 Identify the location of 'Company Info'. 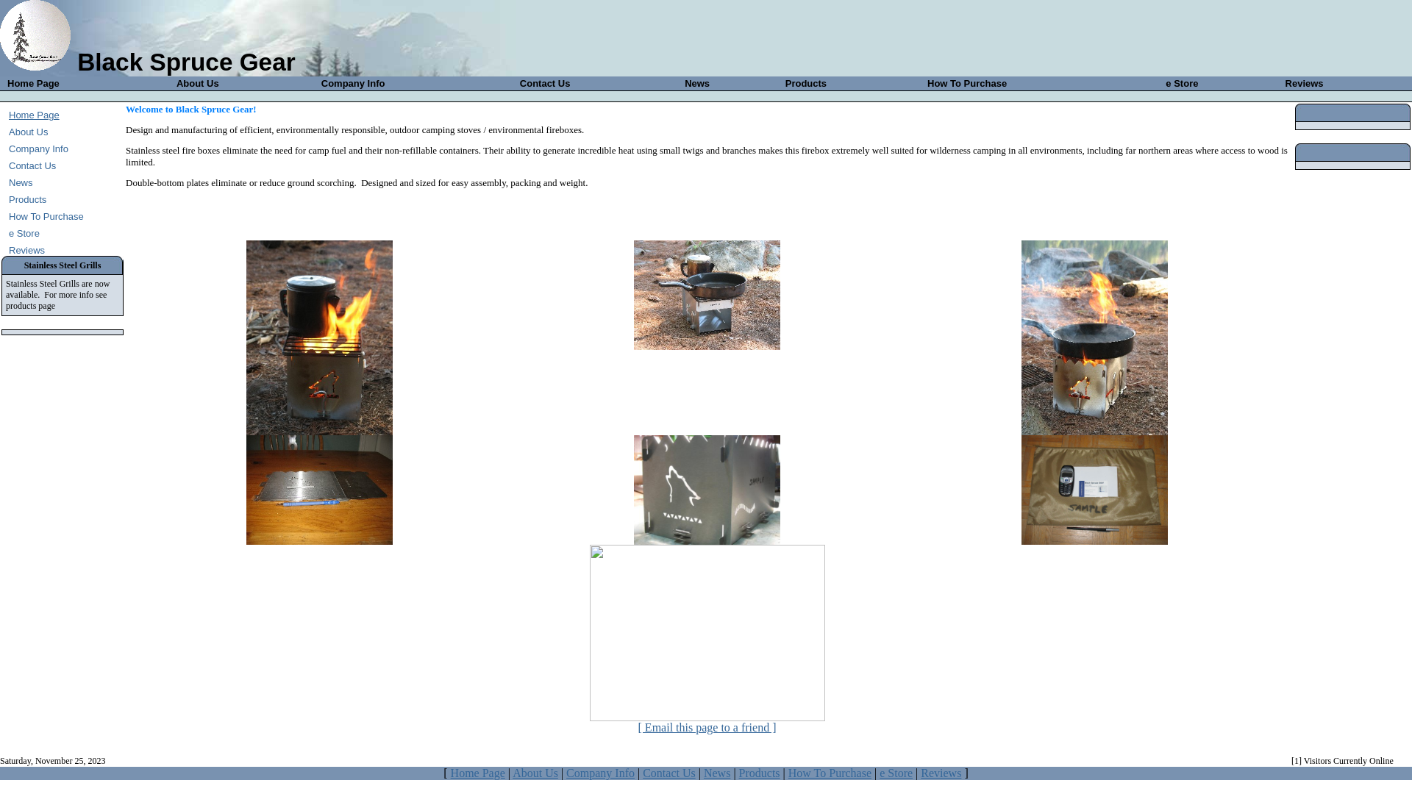
(600, 772).